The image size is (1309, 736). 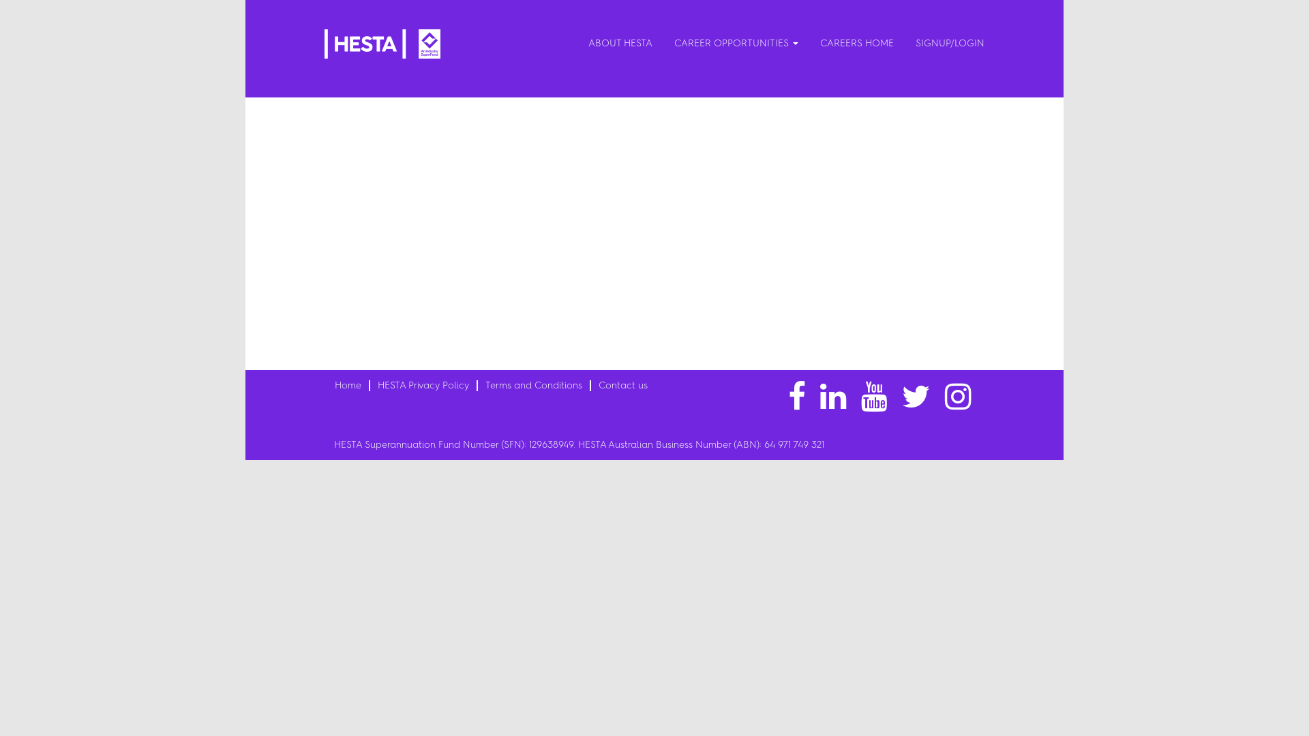 I want to click on 'facebook', so click(x=797, y=397).